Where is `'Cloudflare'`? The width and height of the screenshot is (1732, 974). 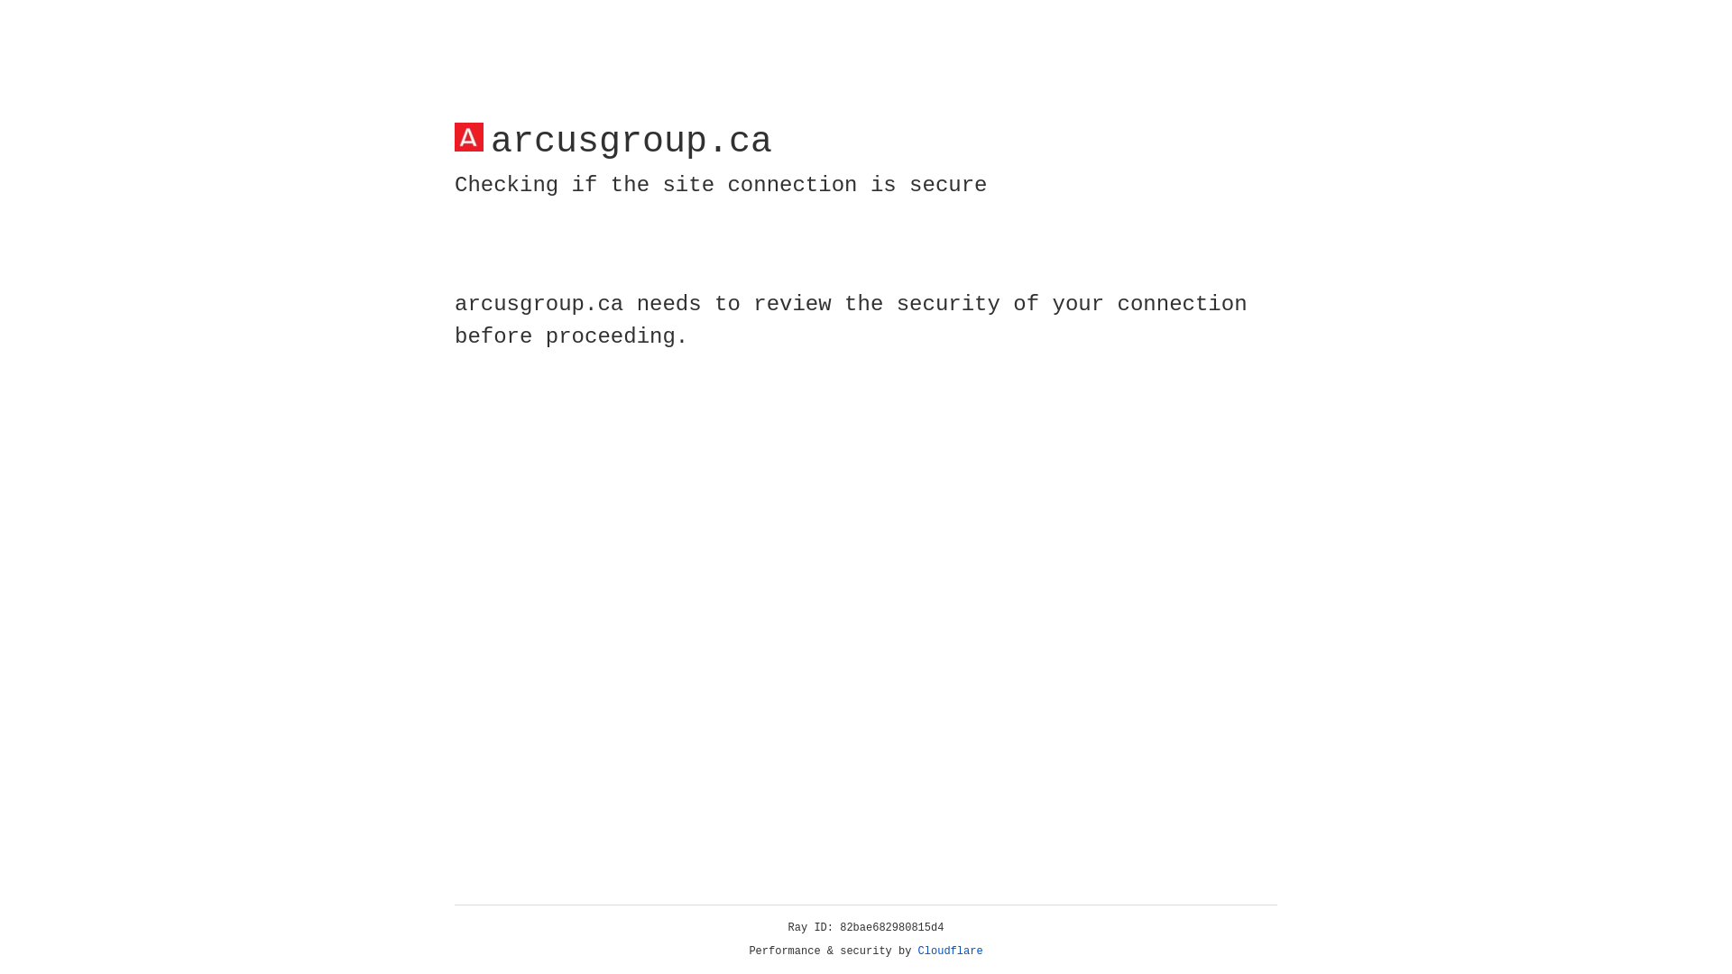
'Cloudflare' is located at coordinates (950, 951).